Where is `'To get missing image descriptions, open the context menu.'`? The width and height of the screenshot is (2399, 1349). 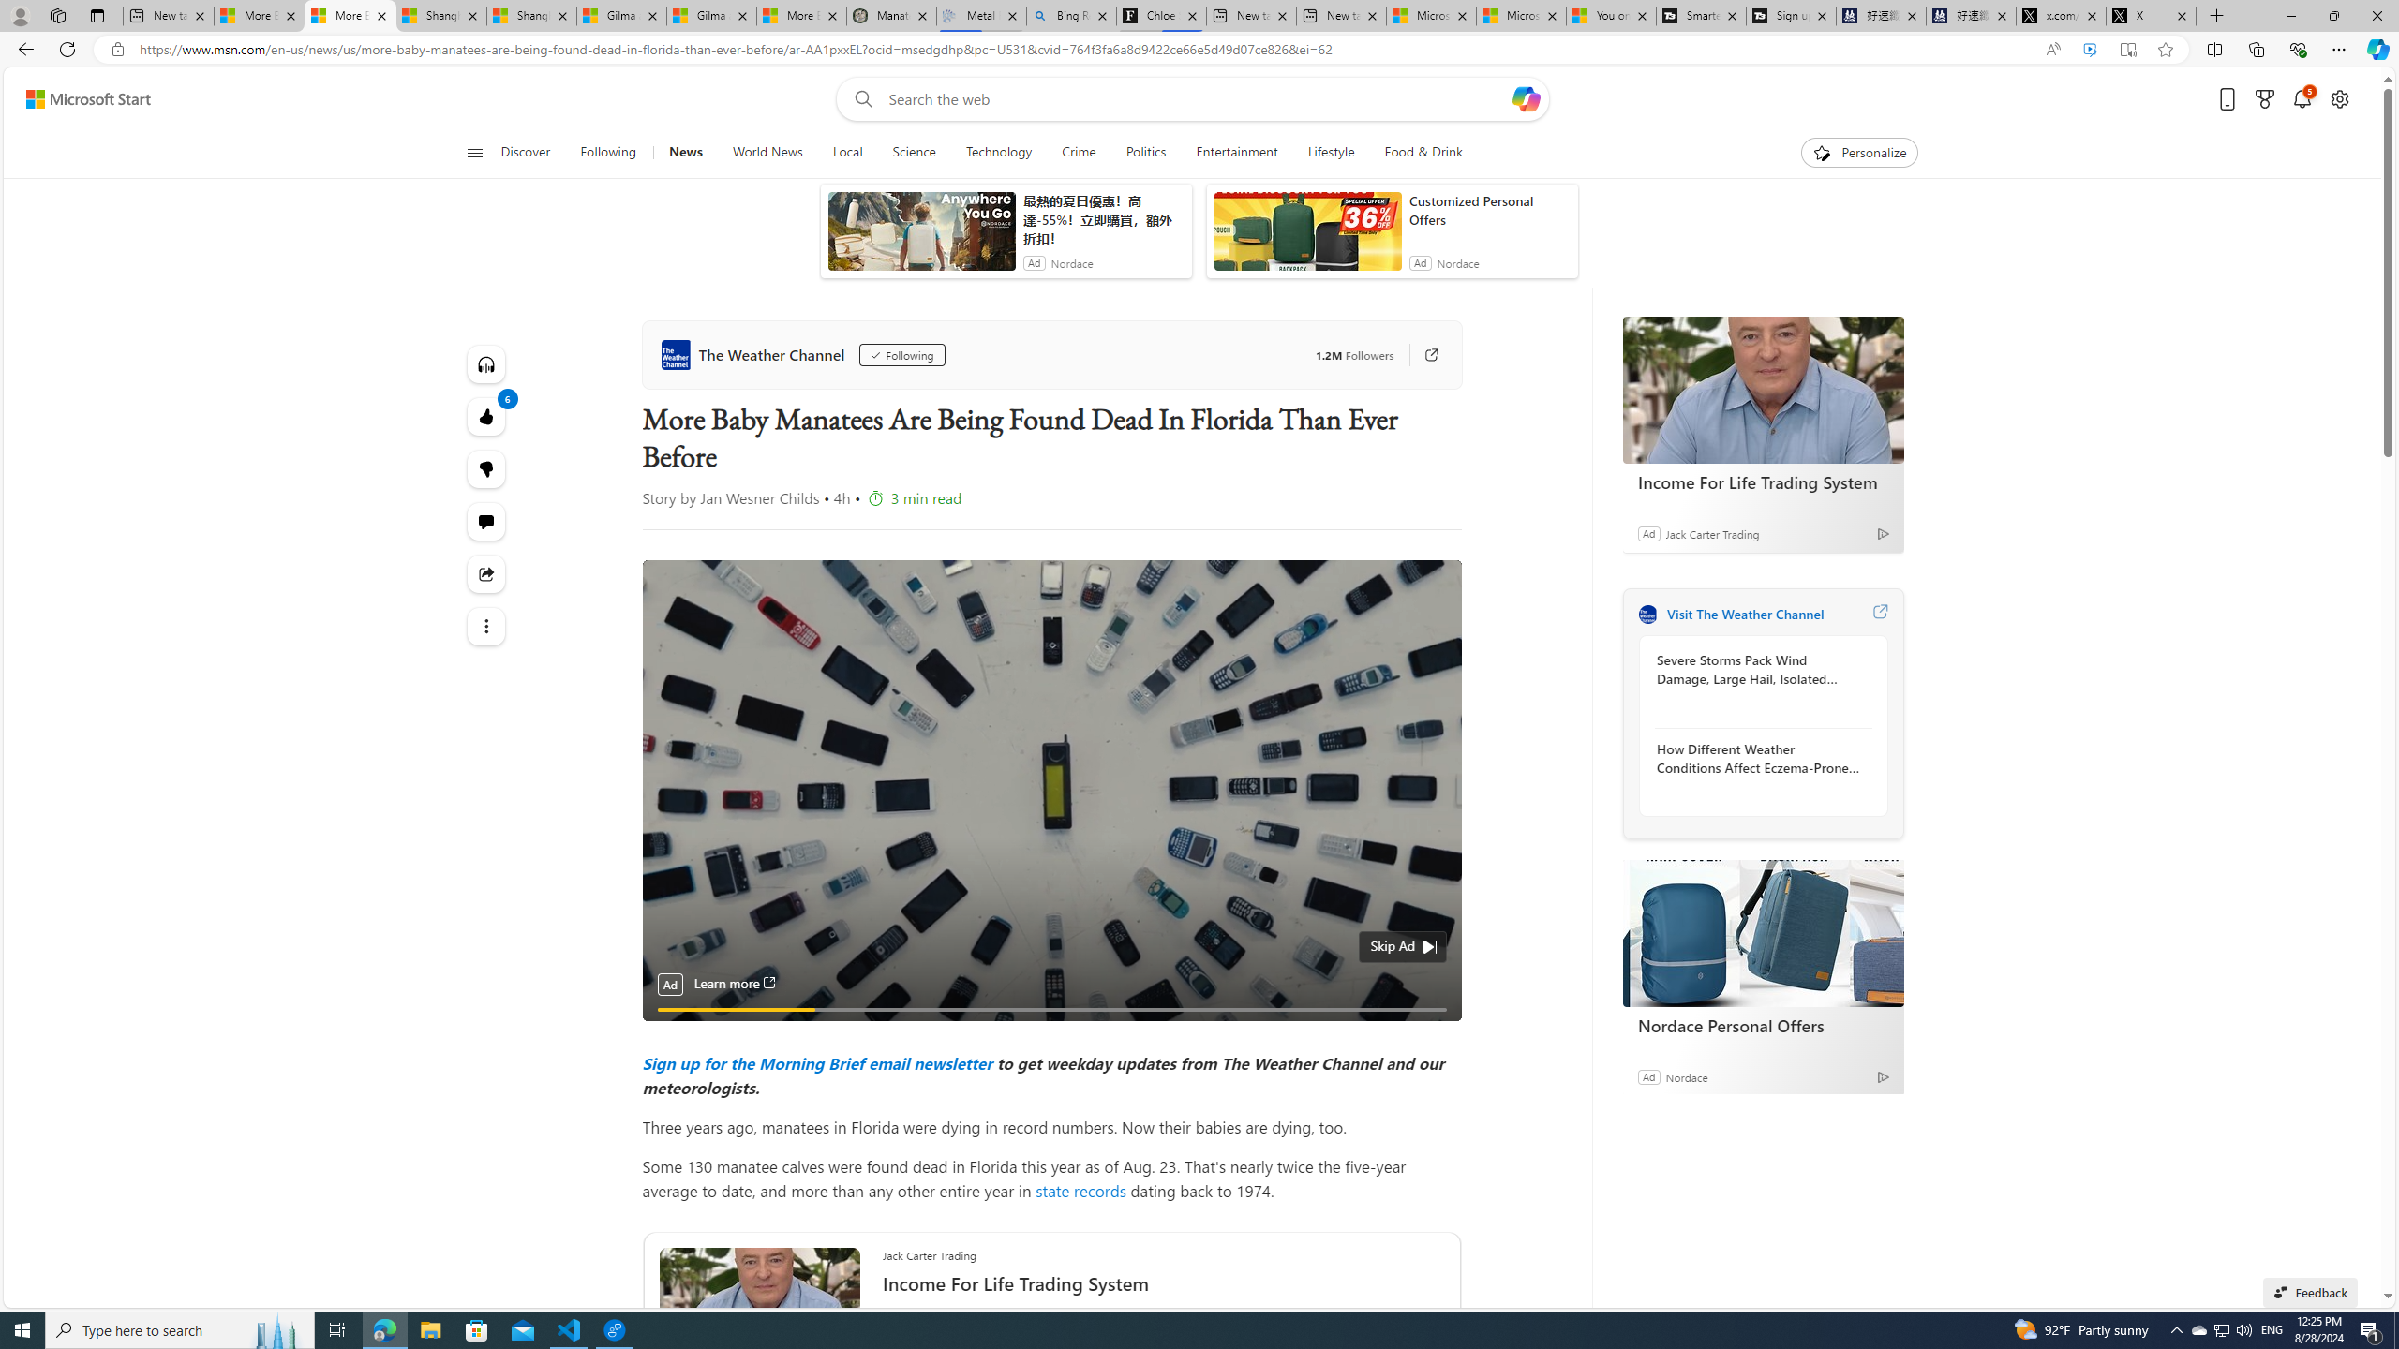
'To get missing image descriptions, open the context menu.' is located at coordinates (1822, 151).